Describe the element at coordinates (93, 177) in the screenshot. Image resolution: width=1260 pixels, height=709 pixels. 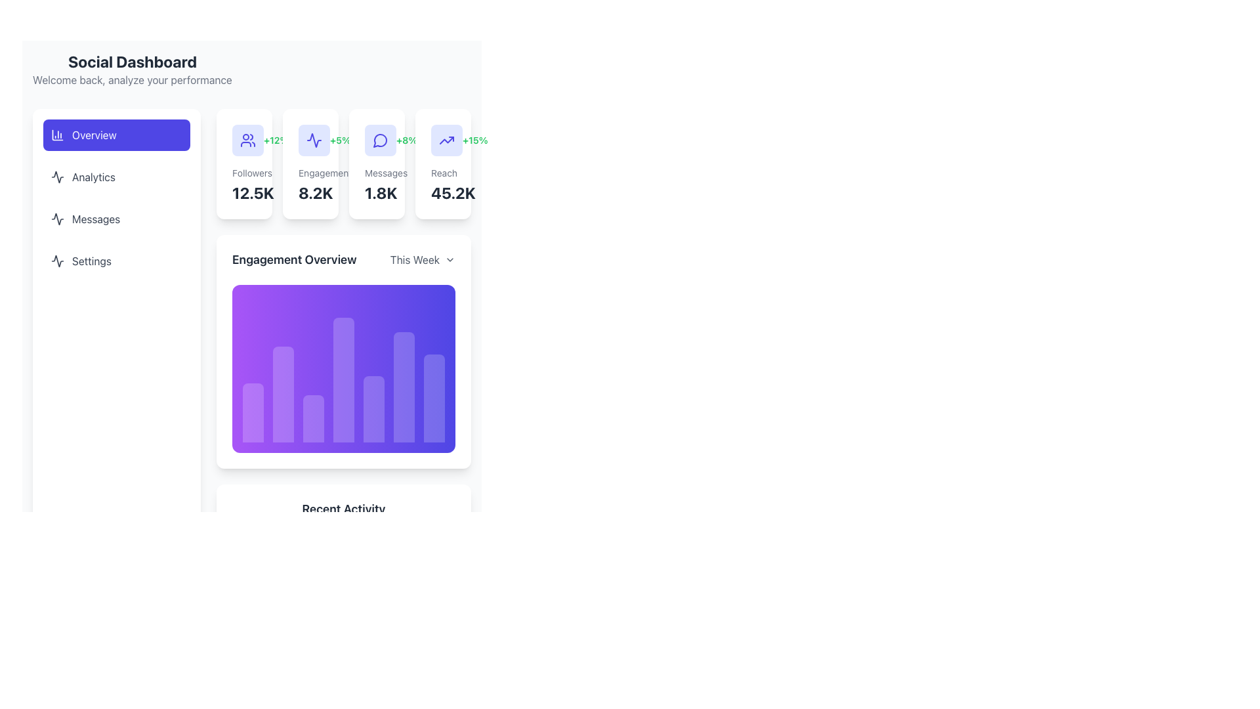
I see `the 'Analytics' navigation label within the sidebar menu` at that location.